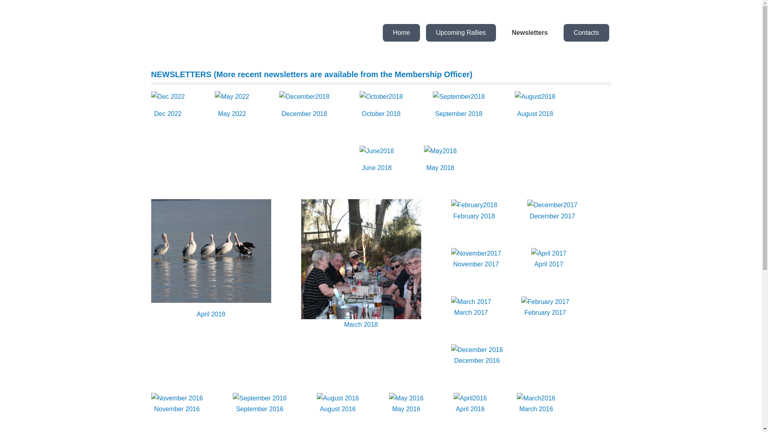  What do you see at coordinates (552, 216) in the screenshot?
I see `'December 2017'` at bounding box center [552, 216].